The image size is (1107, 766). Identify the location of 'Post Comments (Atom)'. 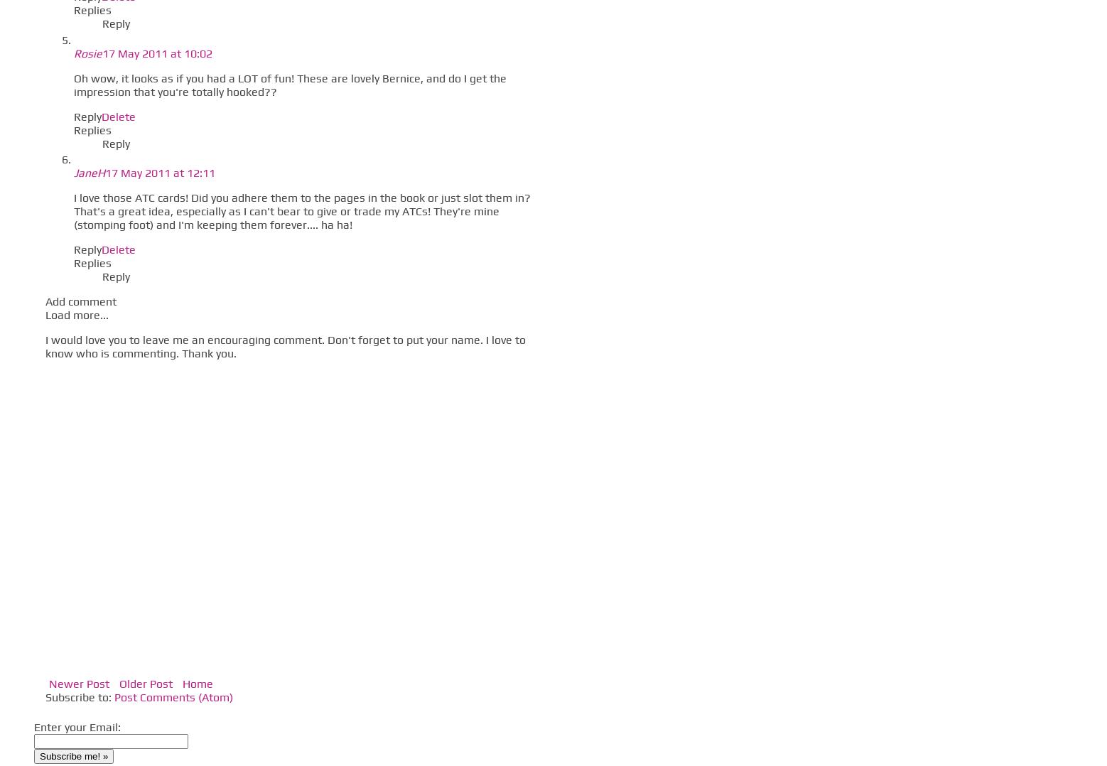
(173, 696).